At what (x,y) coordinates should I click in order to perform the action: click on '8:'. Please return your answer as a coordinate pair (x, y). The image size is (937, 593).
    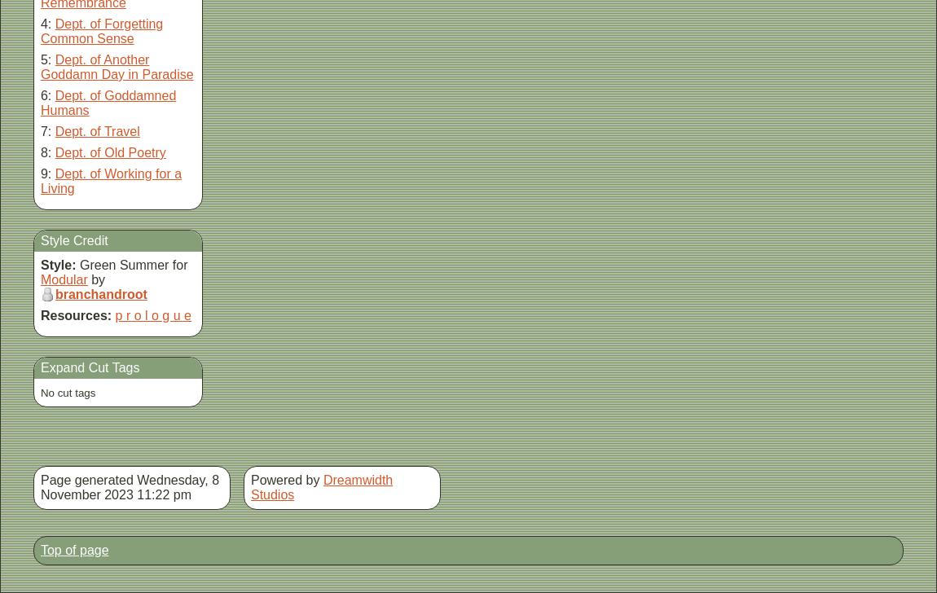
    Looking at the image, I should click on (45, 152).